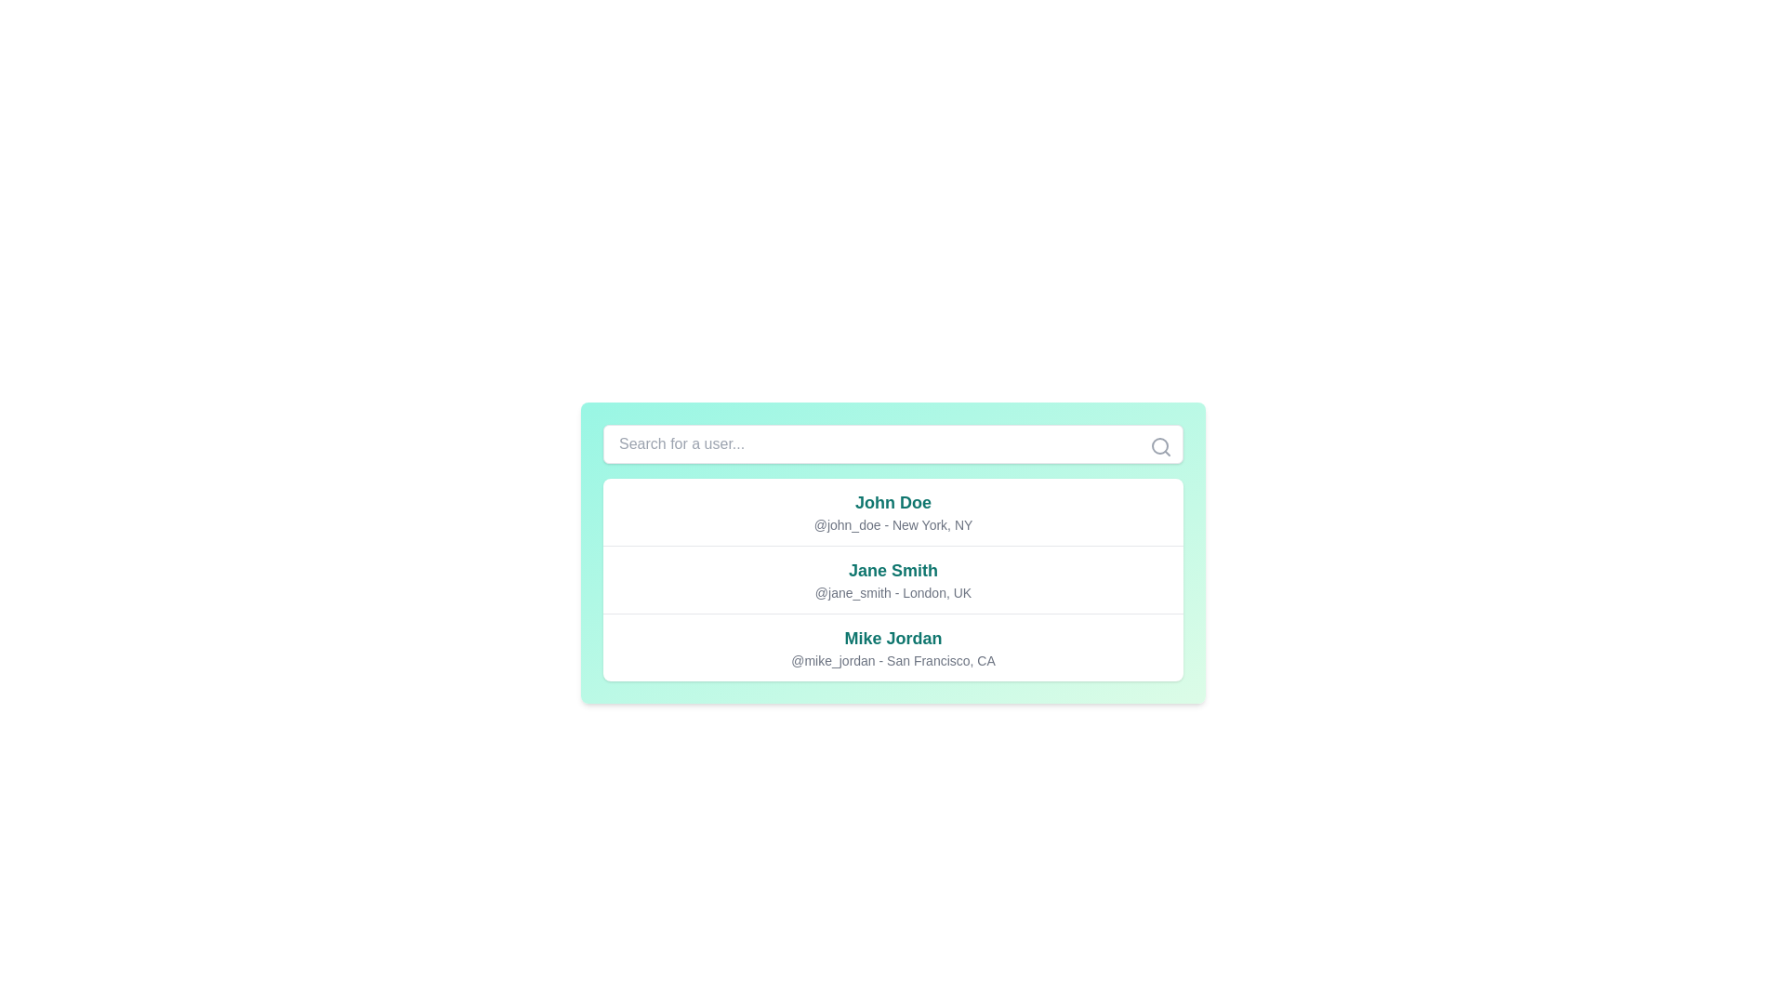 The height and width of the screenshot is (1004, 1785). Describe the element at coordinates (892, 512) in the screenshot. I see `the first list item displaying the user's name 'John Doe' to activate the hover effect` at that location.